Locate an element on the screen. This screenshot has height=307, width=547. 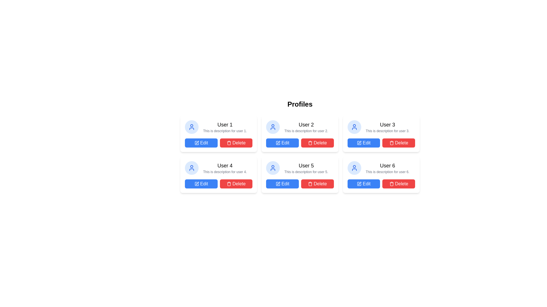
the 'Delete' button located in the profile card for 'User 1', which is the second button after the 'Edit' button is located at coordinates (236, 142).